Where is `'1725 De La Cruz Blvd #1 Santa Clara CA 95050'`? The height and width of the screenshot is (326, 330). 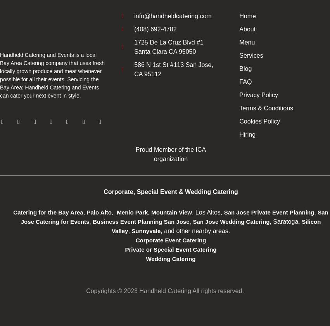 '1725 De La Cruz Blvd #1 Santa Clara CA 95050' is located at coordinates (169, 46).